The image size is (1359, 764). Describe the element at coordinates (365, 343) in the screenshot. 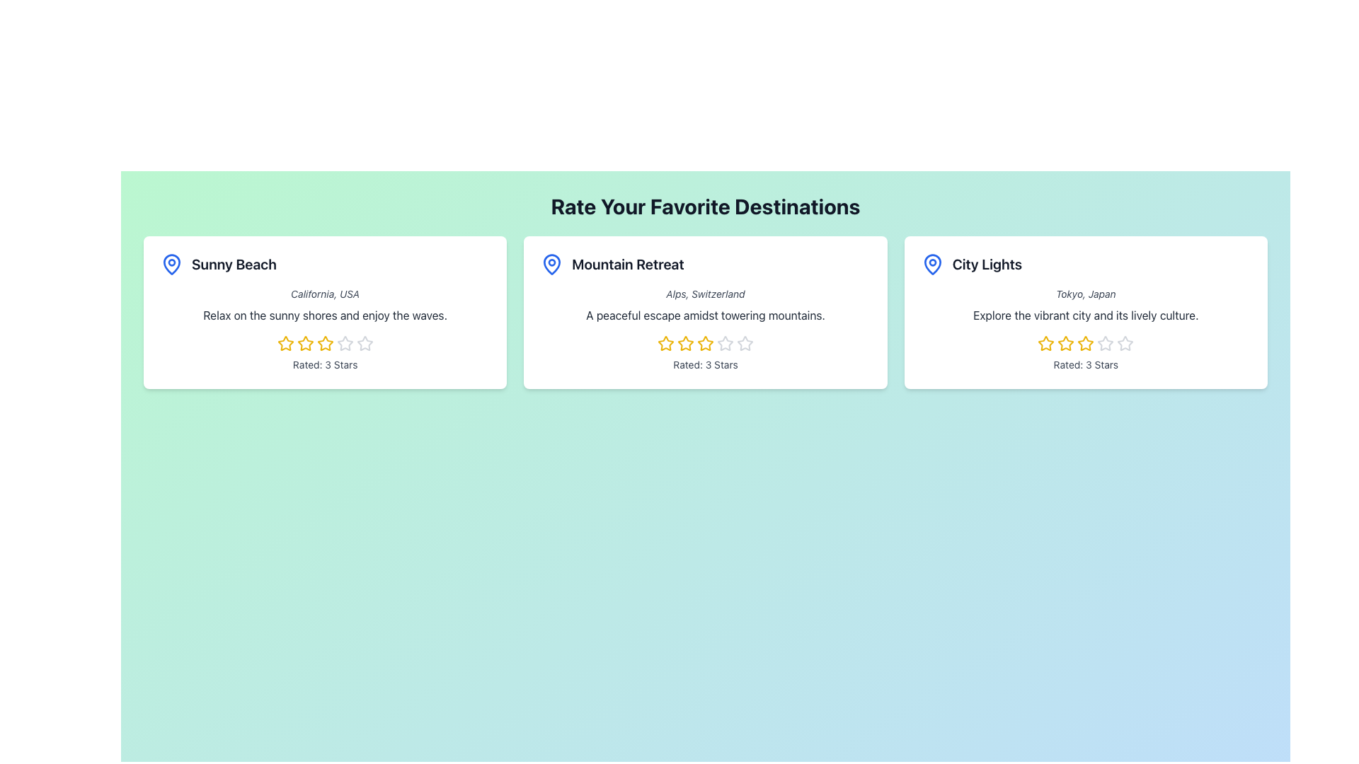

I see `the fifth star icon in the horizontal 5-star rating system for 'Sunny Beach'` at that location.